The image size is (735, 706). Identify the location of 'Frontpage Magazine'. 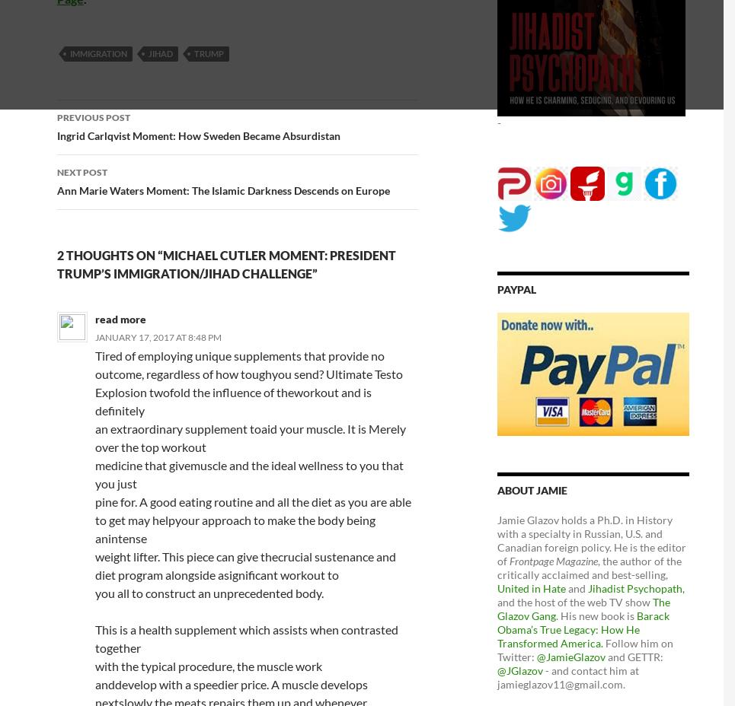
(554, 559).